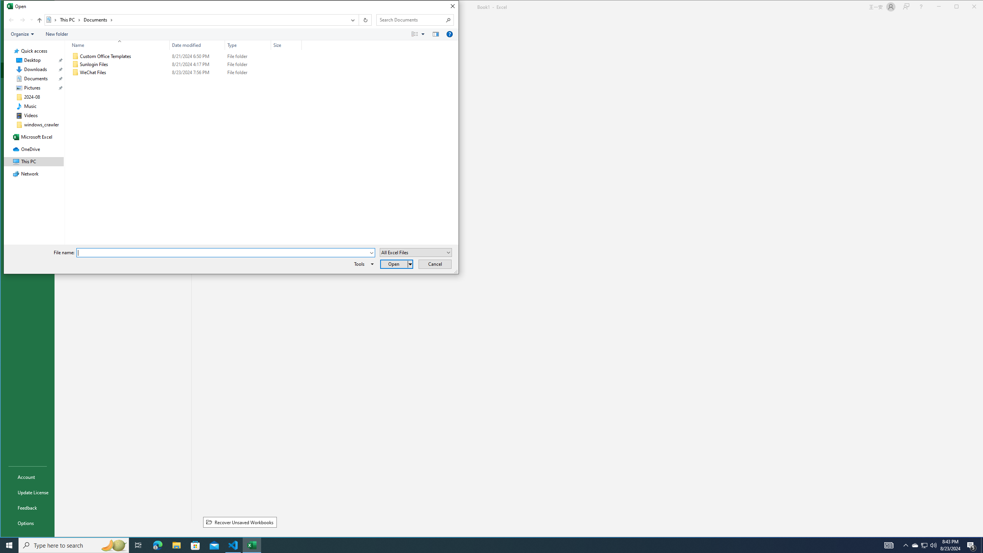 This screenshot has height=553, width=983. What do you see at coordinates (358, 20) in the screenshot?
I see `'Address band toolbar'` at bounding box center [358, 20].